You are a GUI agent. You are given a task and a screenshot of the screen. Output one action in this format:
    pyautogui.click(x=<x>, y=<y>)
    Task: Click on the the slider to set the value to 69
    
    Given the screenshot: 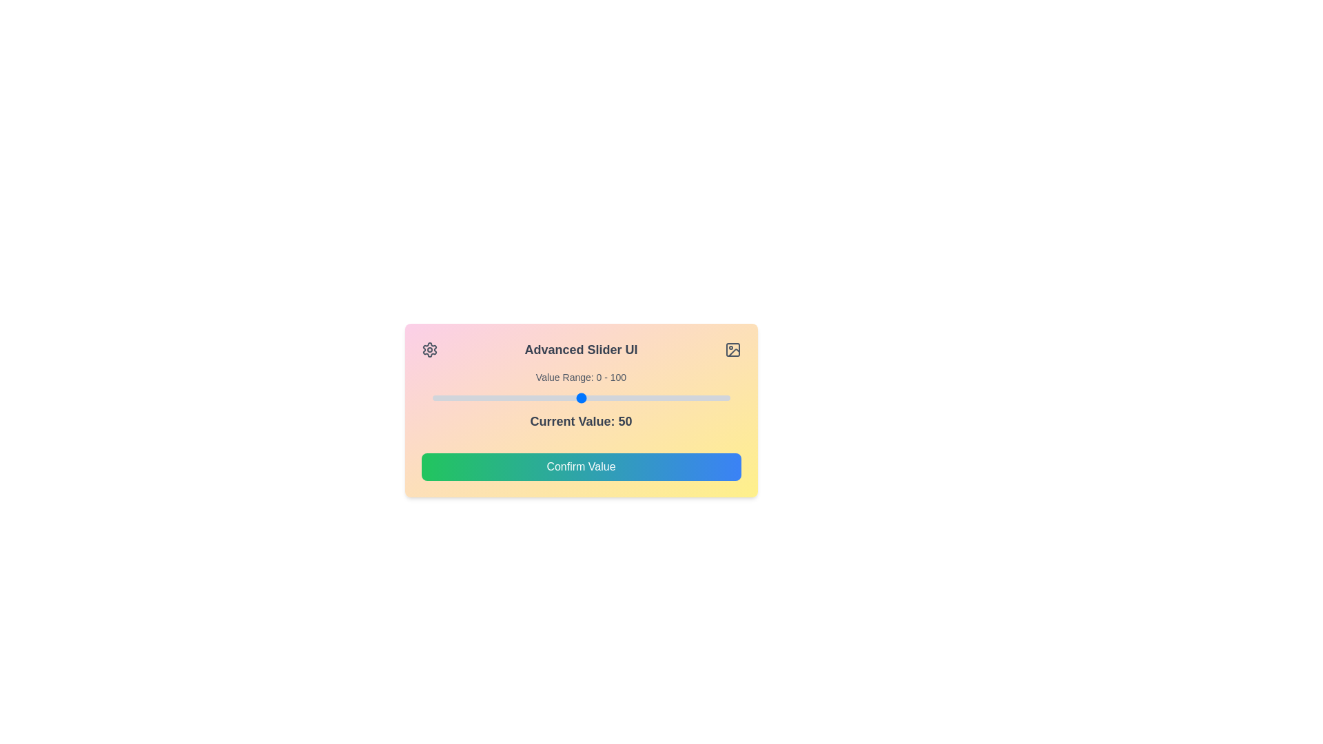 What is the action you would take?
    pyautogui.click(x=637, y=398)
    